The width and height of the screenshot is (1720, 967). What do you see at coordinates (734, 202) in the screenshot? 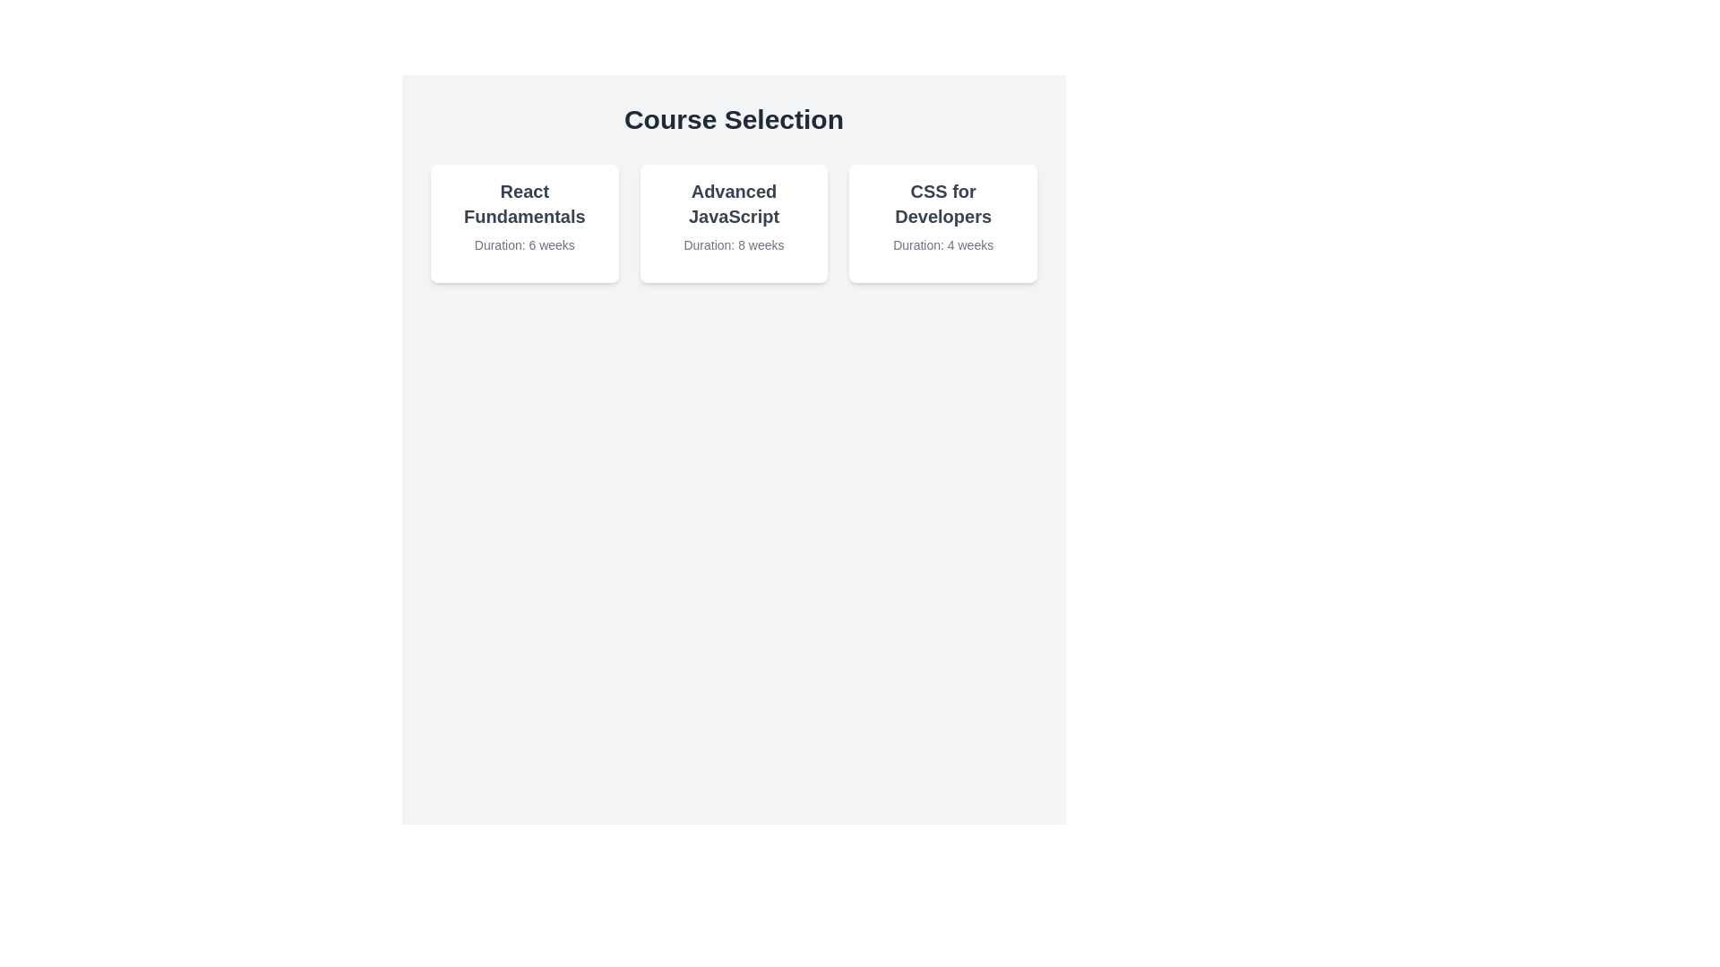
I see `text content of the 'Advanced JavaScript' title text label located at the upper portion of the middle course card in a horizontal list of three cards` at bounding box center [734, 202].